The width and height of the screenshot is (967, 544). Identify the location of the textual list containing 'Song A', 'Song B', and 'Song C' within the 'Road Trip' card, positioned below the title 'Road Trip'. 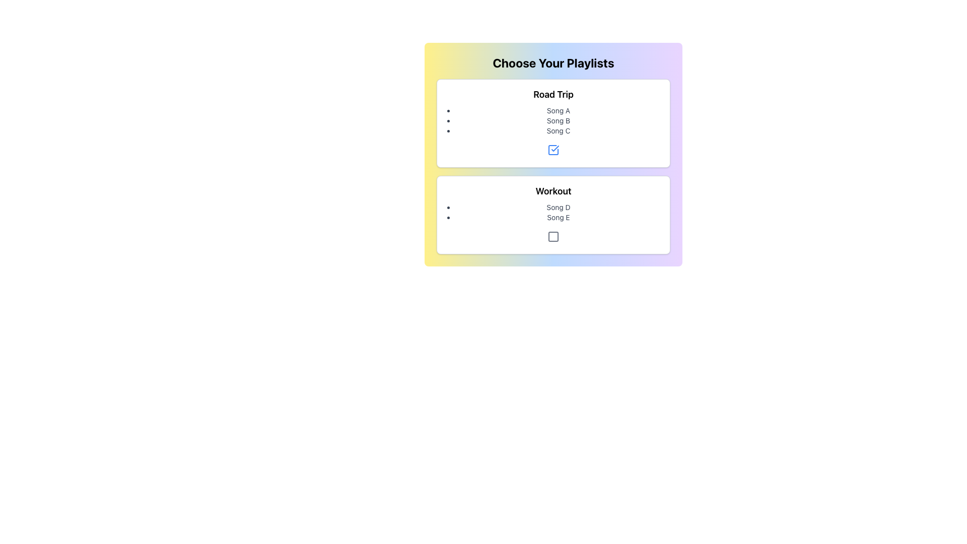
(553, 120).